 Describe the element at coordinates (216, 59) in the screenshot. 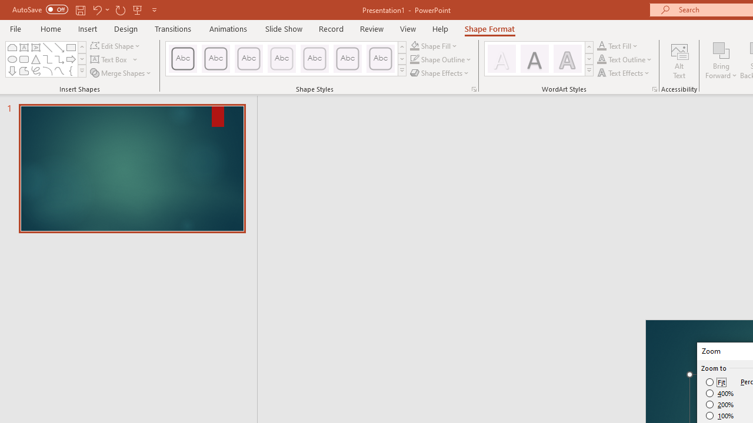

I see `'Colored Outline - Dark Red, Accent 1'` at that location.